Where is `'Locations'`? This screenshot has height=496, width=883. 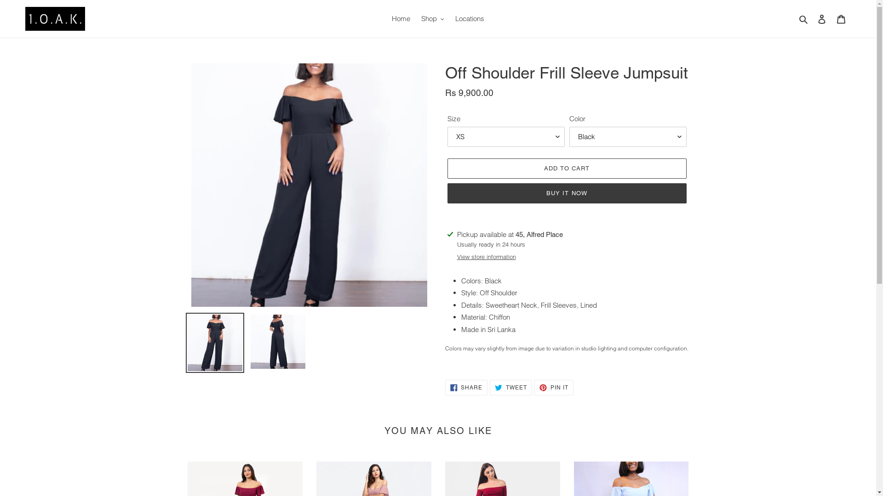 'Locations' is located at coordinates (470, 19).